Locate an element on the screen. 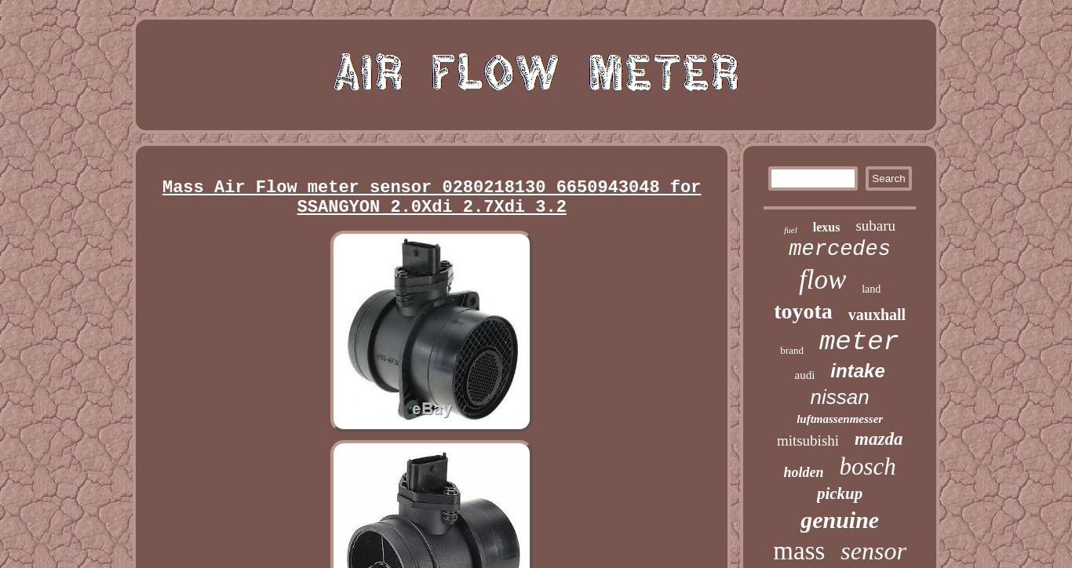  'flow' is located at coordinates (821, 279).